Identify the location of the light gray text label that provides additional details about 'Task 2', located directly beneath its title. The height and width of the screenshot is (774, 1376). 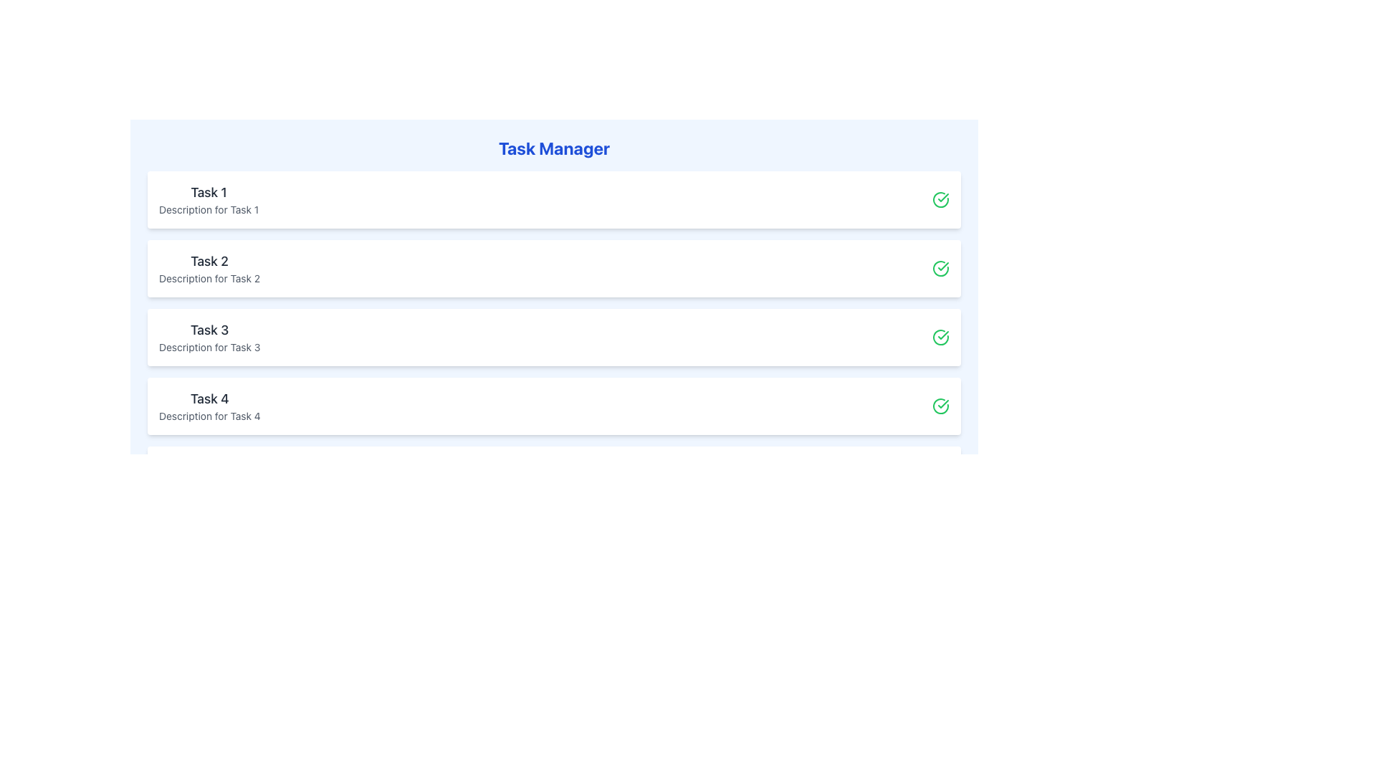
(209, 279).